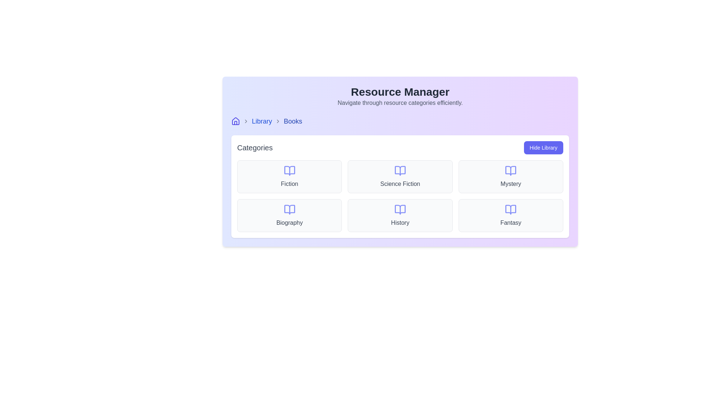 The height and width of the screenshot is (396, 705). What do you see at coordinates (399, 91) in the screenshot?
I see `header text located at the top-center of the interface, which serves as a title for the section` at bounding box center [399, 91].